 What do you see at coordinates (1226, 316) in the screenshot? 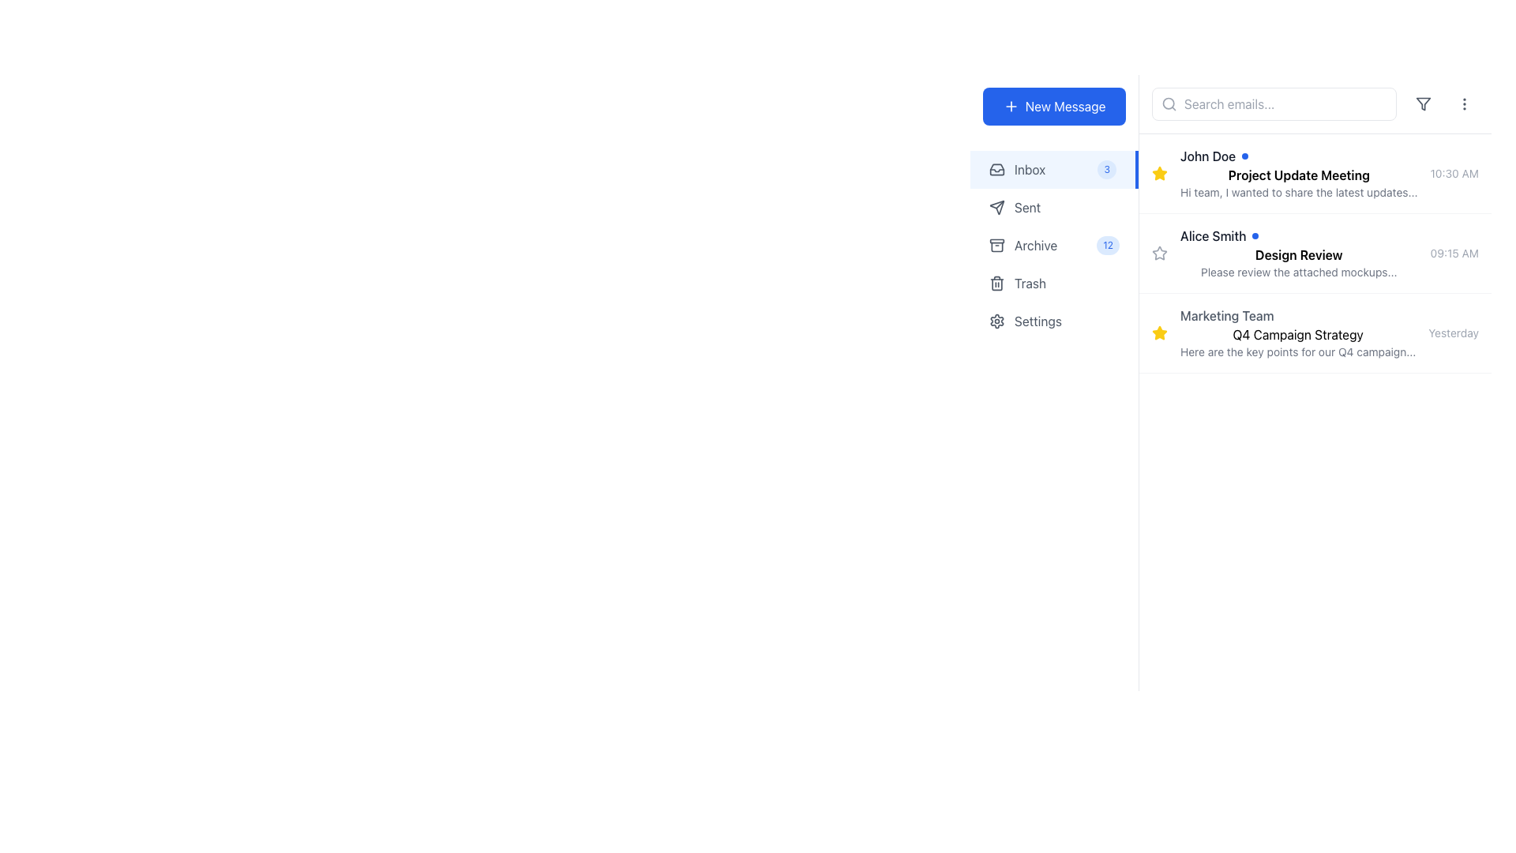
I see `the sender's name label for the third email entry, located above the subject line 'Q4 Campaign Strategy' in the content area` at bounding box center [1226, 316].